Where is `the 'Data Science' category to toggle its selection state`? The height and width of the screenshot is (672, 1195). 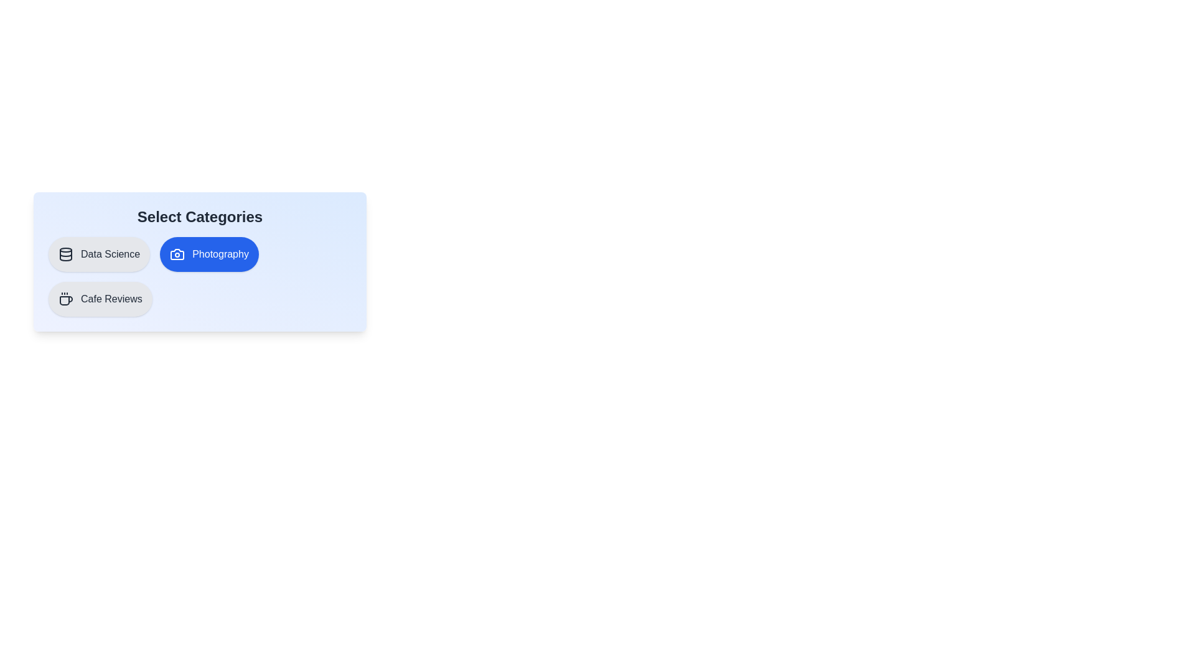
the 'Data Science' category to toggle its selection state is located at coordinates (98, 253).